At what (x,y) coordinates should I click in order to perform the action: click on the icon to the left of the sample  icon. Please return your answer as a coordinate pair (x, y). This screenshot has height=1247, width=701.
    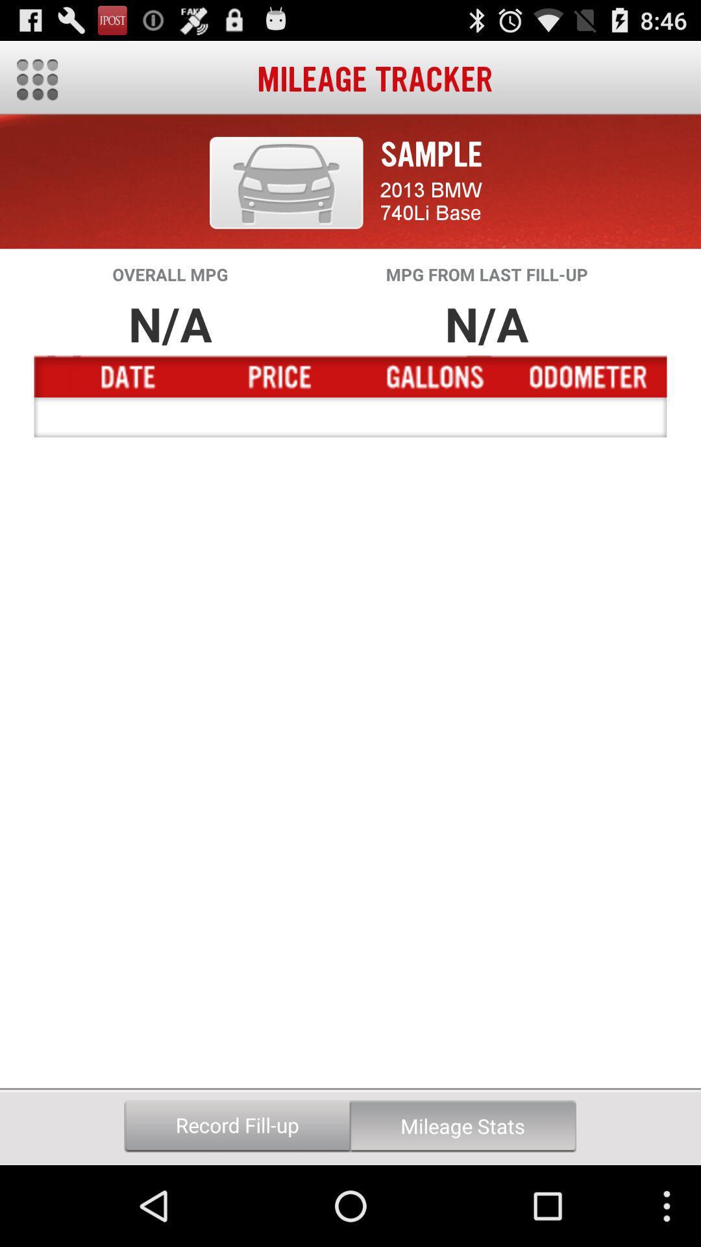
    Looking at the image, I should click on (286, 182).